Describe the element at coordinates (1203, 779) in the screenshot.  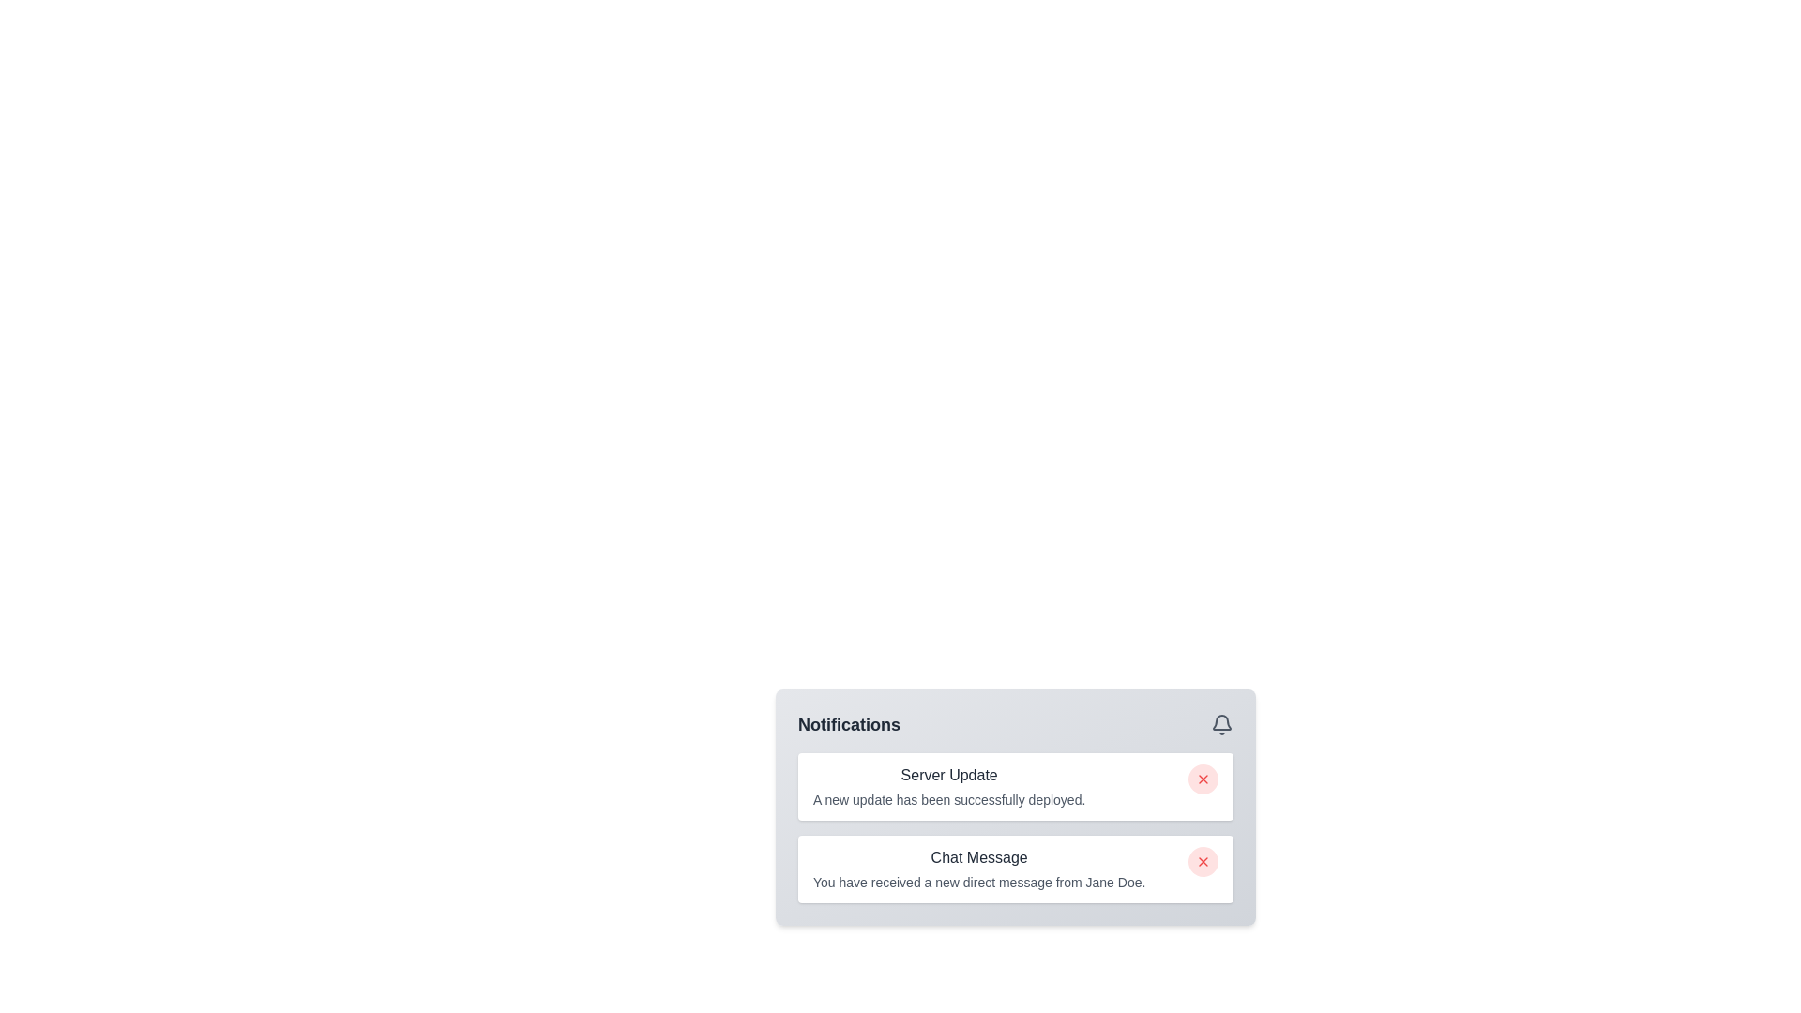
I see `the dismiss button located in the top-right corner of the 'Server Update' notification` at that location.